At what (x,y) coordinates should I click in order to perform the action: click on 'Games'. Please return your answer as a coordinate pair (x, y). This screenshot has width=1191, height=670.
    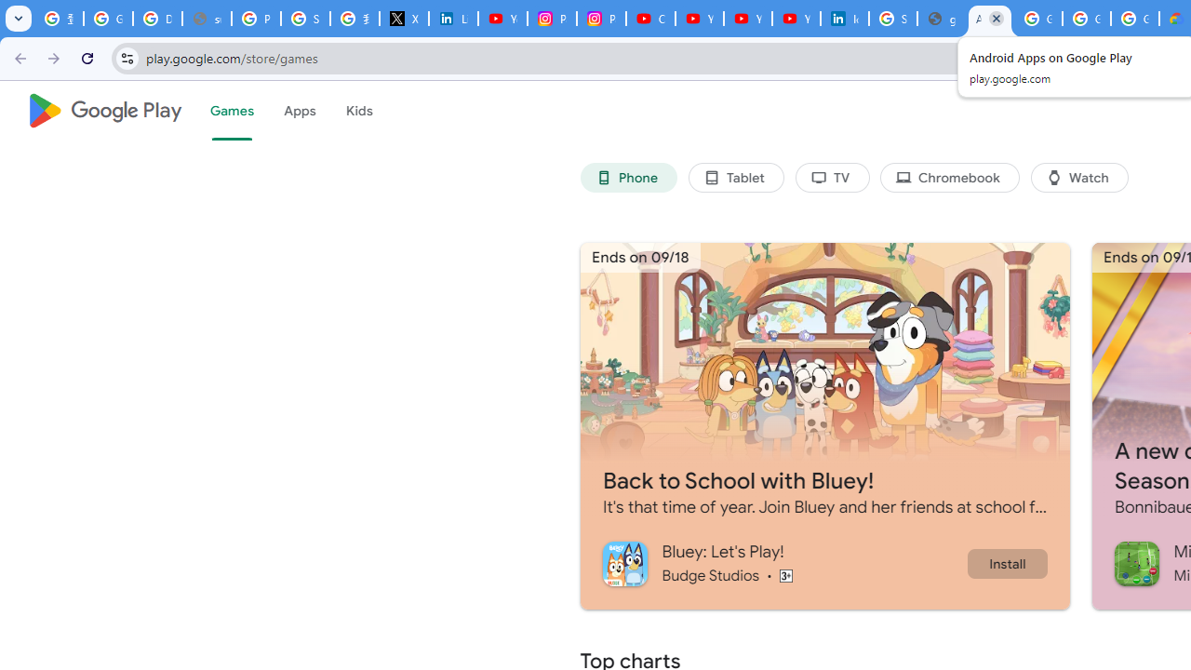
    Looking at the image, I should click on (230, 111).